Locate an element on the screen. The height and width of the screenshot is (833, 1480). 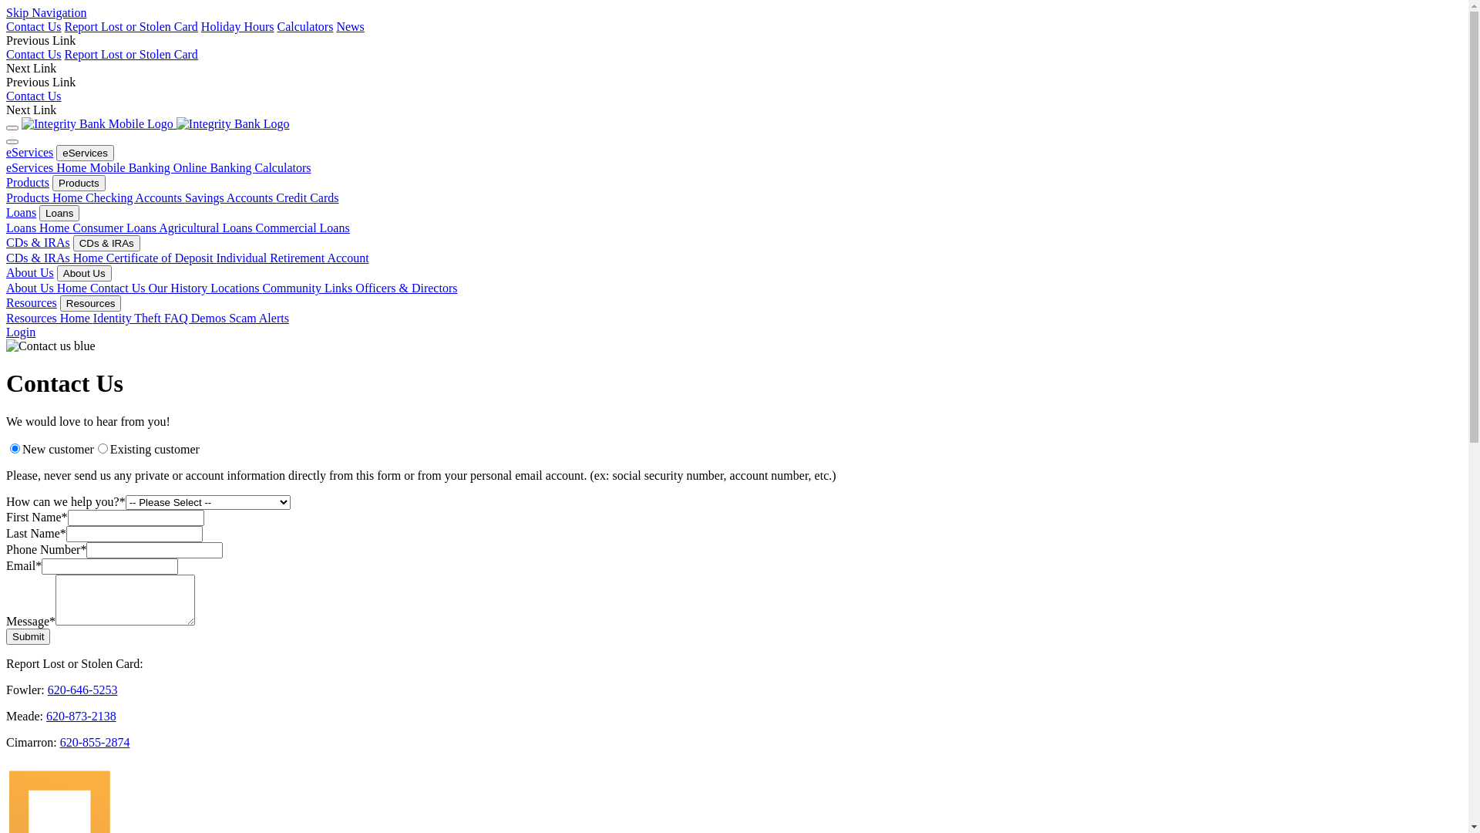
'Loans' is located at coordinates (21, 212).